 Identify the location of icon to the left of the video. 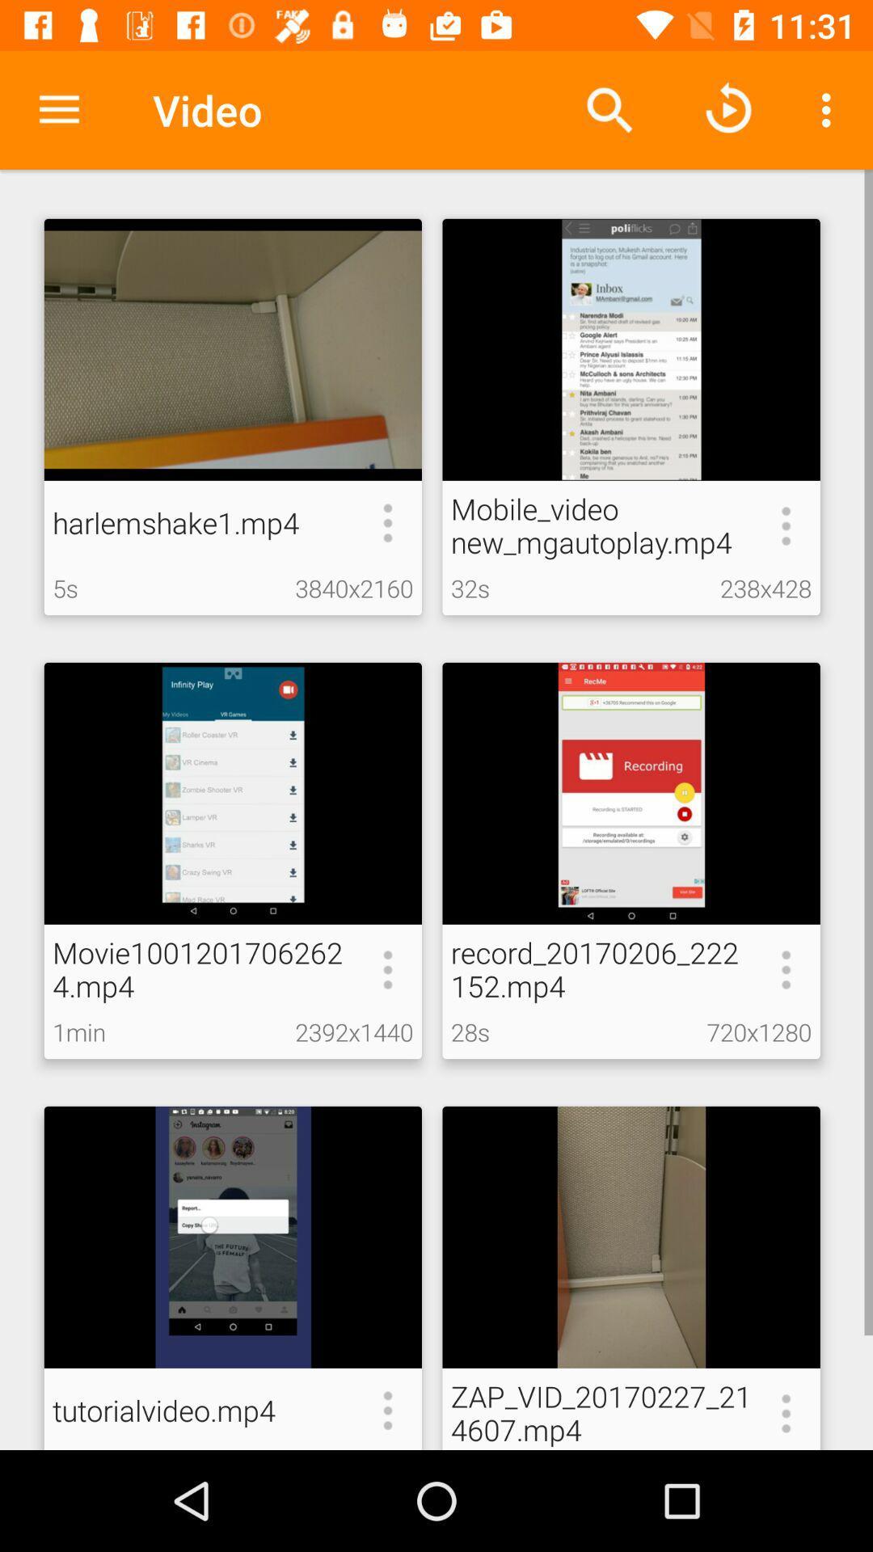
(58, 109).